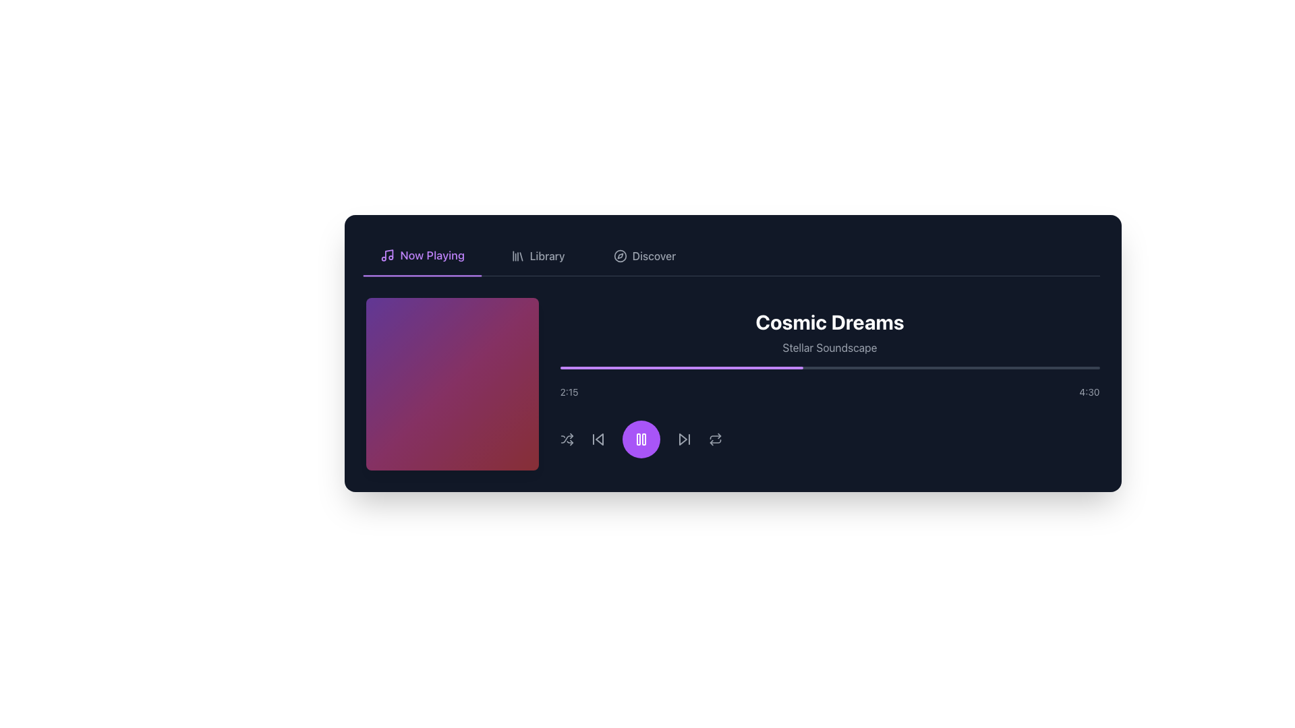 The width and height of the screenshot is (1295, 728). What do you see at coordinates (567, 439) in the screenshot?
I see `the shuffle button located in the playback controls section, positioned near the bottom center of the interface` at bounding box center [567, 439].